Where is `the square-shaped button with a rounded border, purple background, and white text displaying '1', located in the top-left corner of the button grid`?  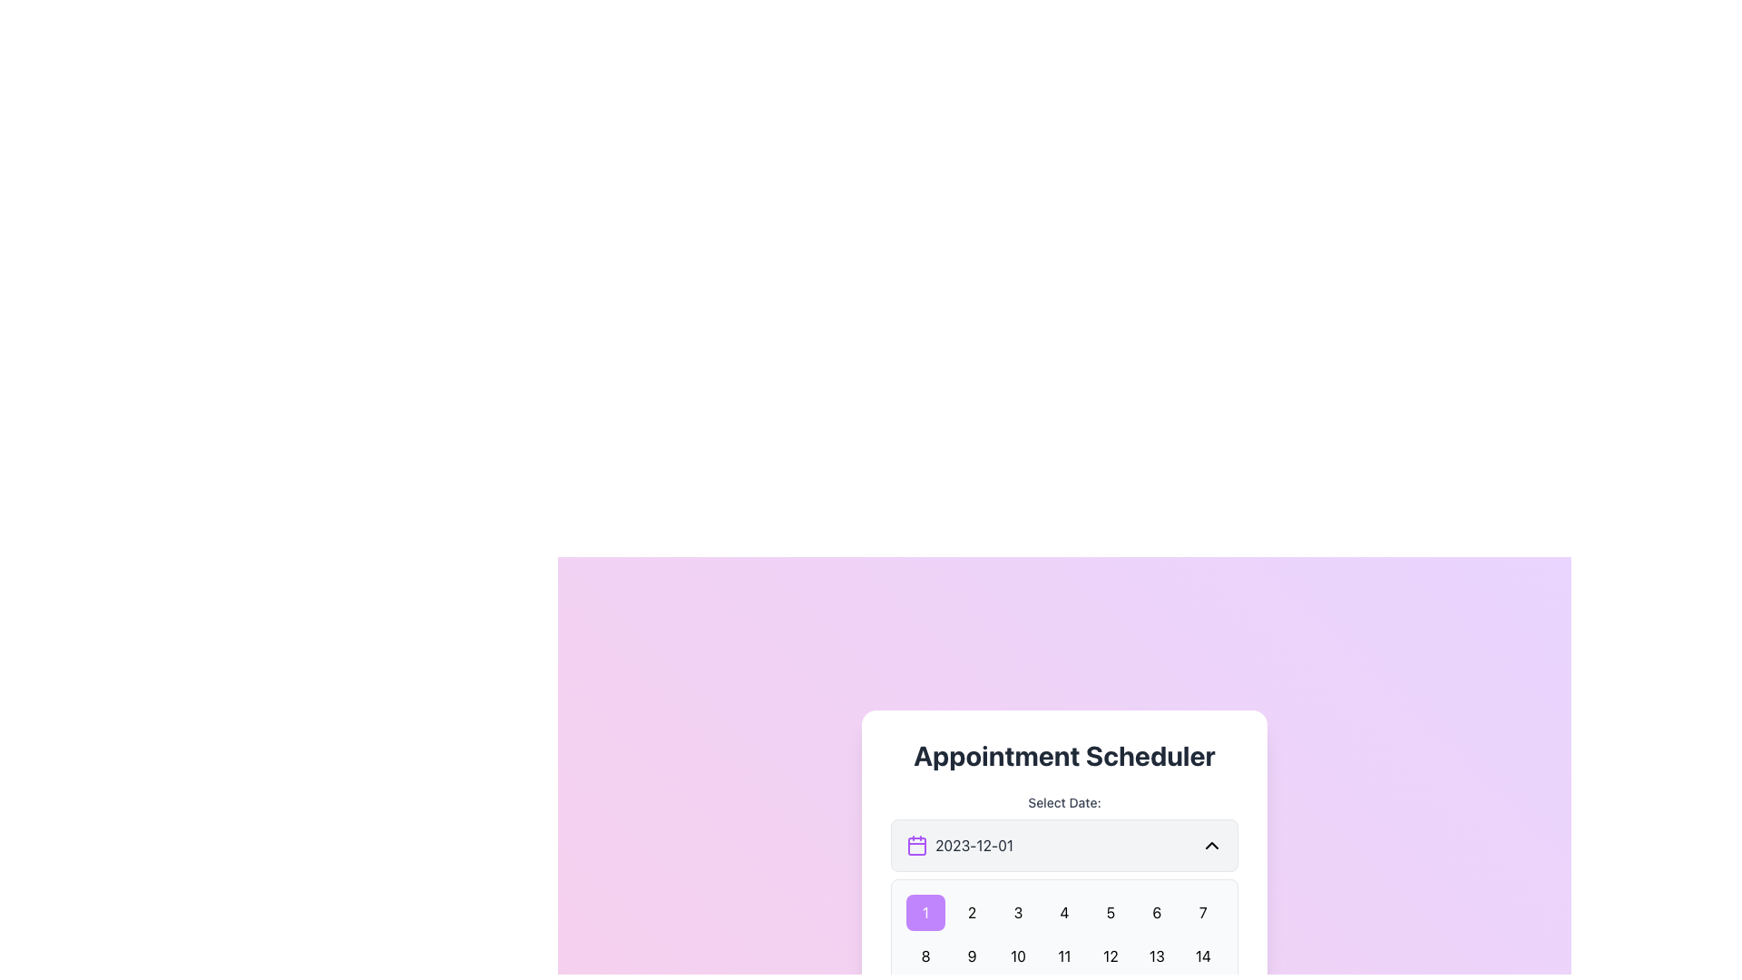 the square-shaped button with a rounded border, purple background, and white text displaying '1', located in the top-left corner of the button grid is located at coordinates (925, 913).